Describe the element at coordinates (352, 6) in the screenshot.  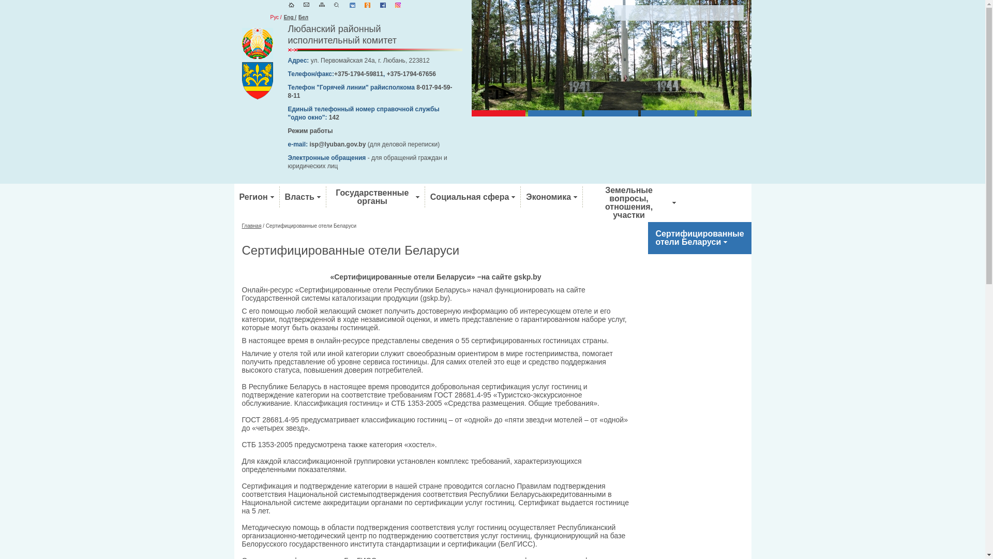
I see `'vk'` at that location.